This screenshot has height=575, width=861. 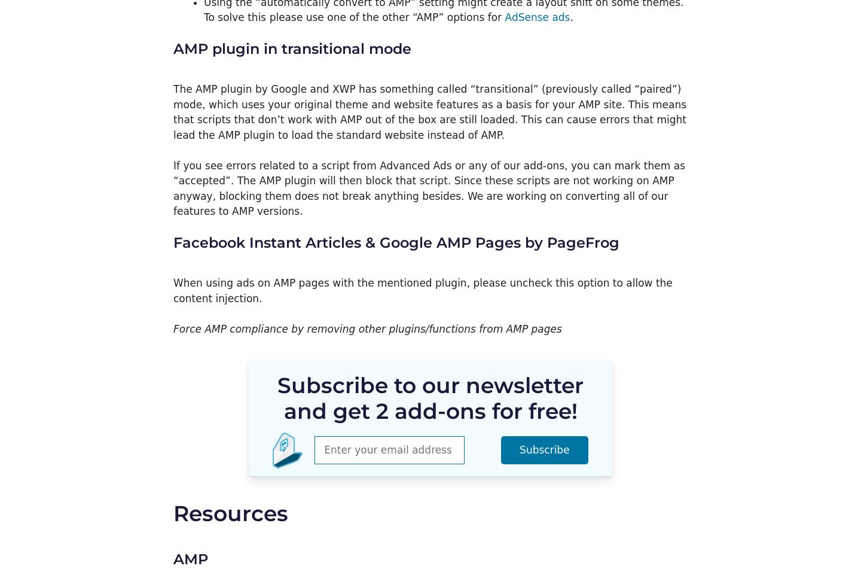 What do you see at coordinates (190, 558) in the screenshot?
I see `'AMP'` at bounding box center [190, 558].